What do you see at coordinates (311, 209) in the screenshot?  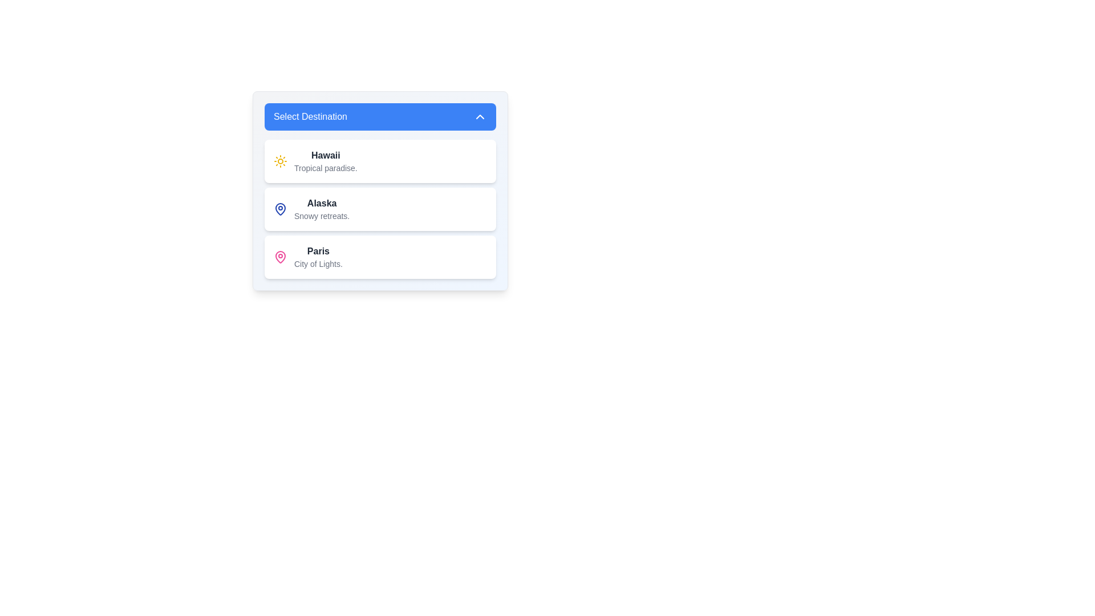 I see `the Destination selection item labeled 'Alaska' with a blue map pin icon to navigate` at bounding box center [311, 209].